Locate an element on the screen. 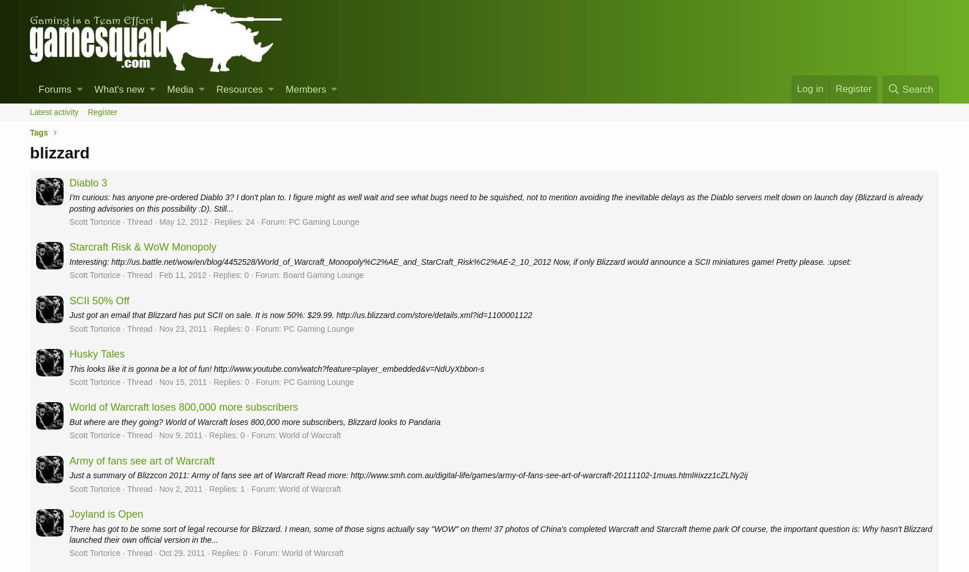 The image size is (969, 572). 'Log in' is located at coordinates (809, 88).